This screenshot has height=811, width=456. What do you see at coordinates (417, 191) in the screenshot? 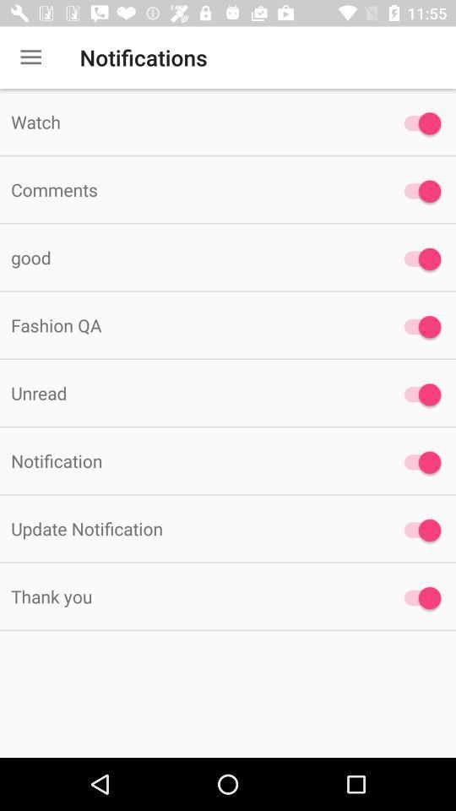
I see `turn comments on/off` at bounding box center [417, 191].